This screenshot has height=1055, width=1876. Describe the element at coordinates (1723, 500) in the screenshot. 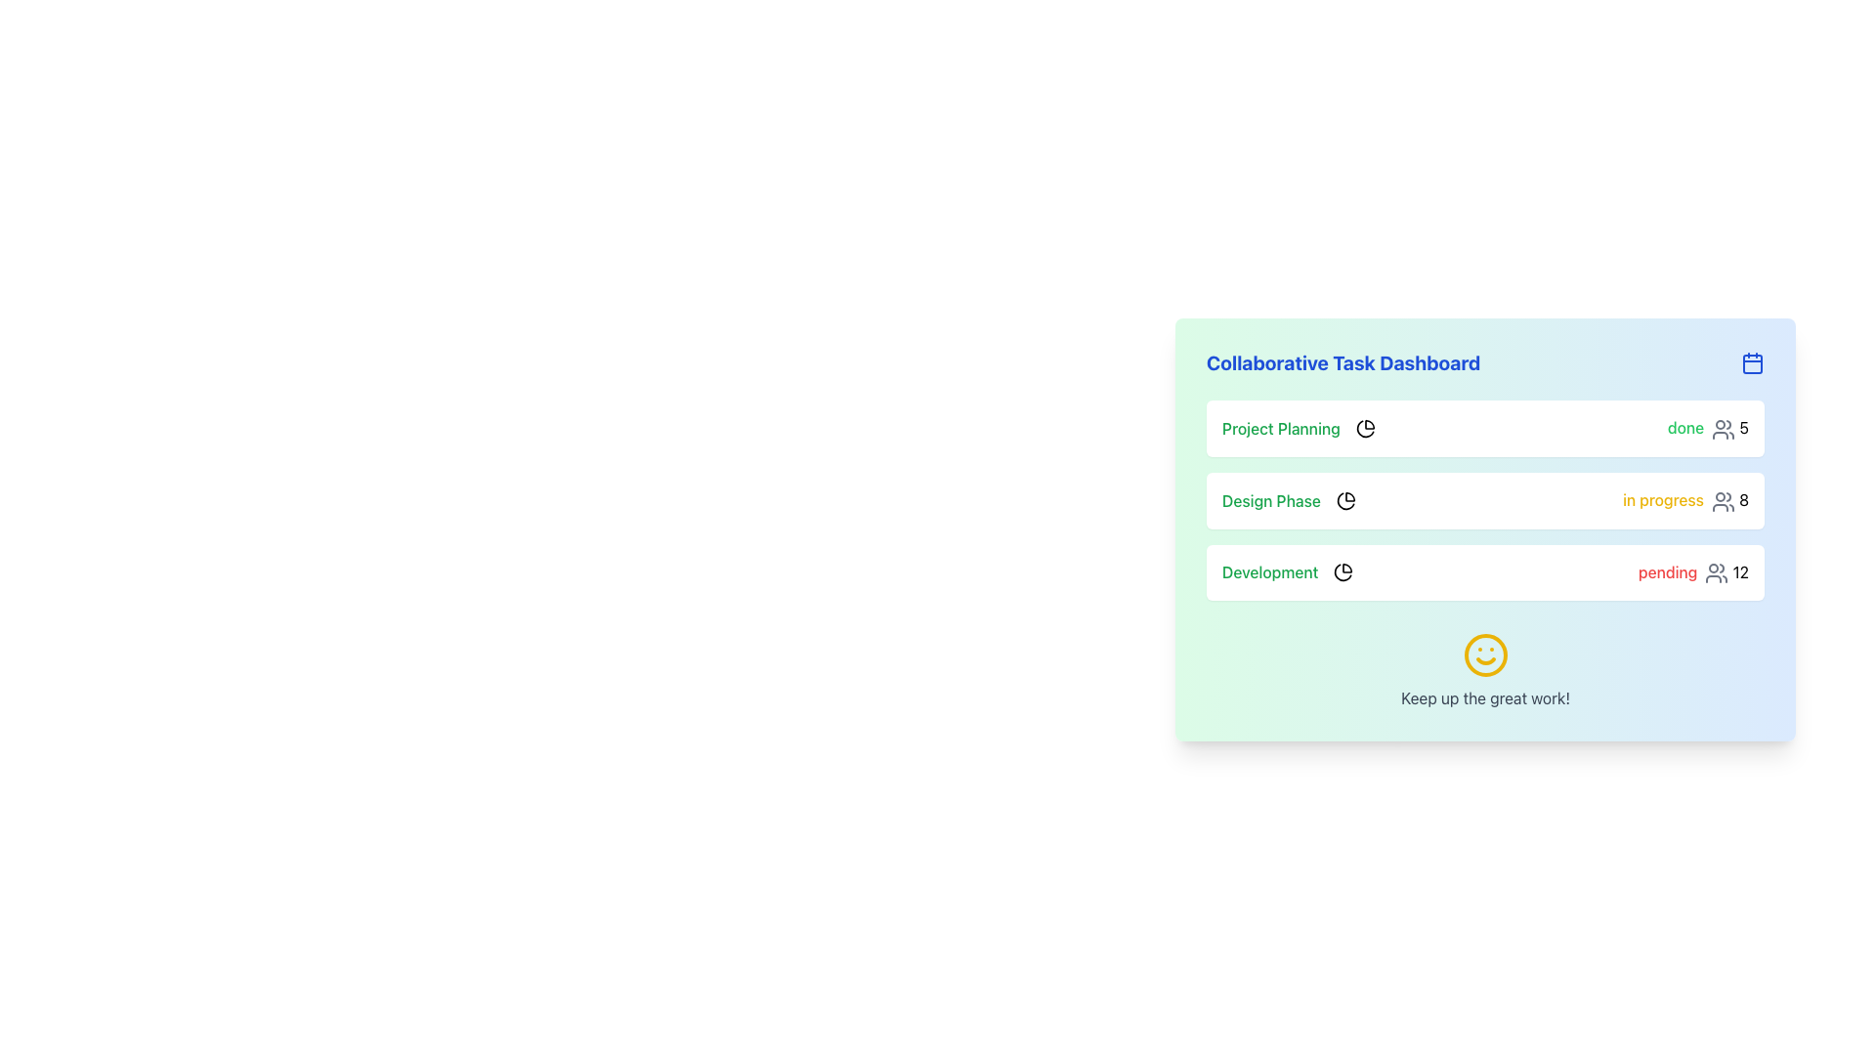

I see `the second icon representing two stylized human figures in the 'Design Phase' row, which is adjacent to the 'in progress 8' label` at that location.